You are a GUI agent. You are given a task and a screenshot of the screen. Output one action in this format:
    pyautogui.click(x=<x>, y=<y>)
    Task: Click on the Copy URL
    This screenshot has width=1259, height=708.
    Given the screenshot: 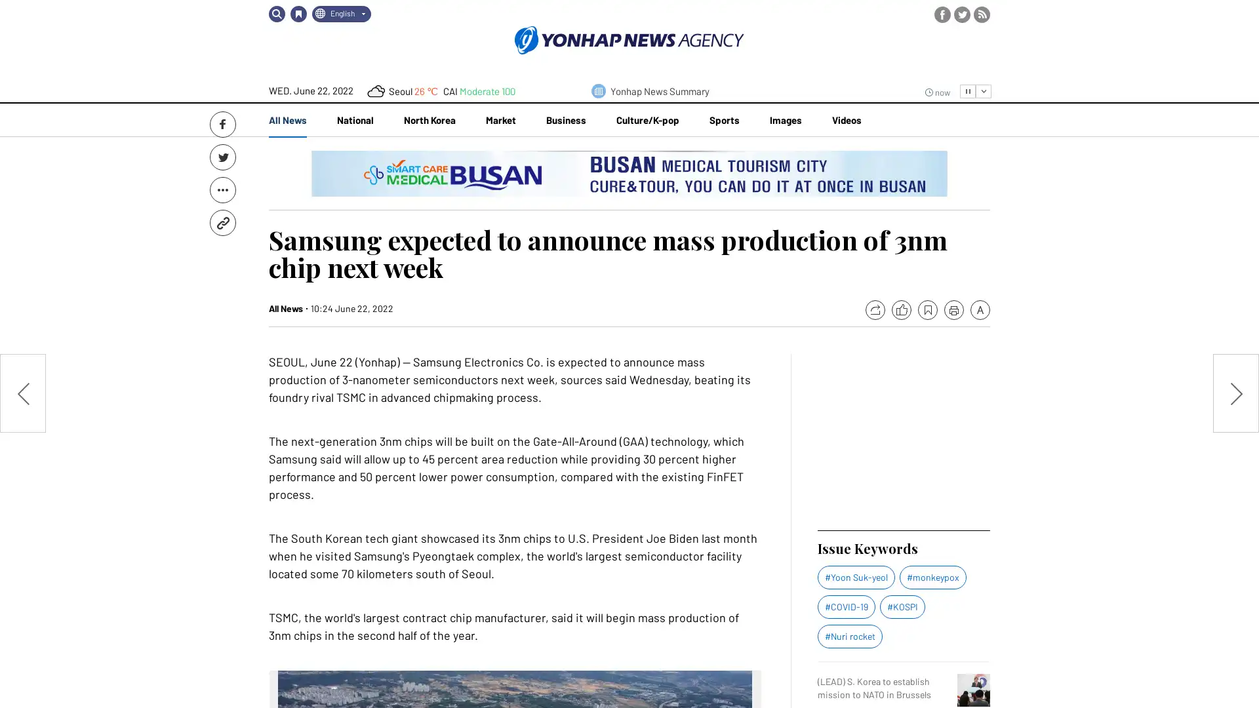 What is the action you would take?
    pyautogui.click(x=223, y=222)
    